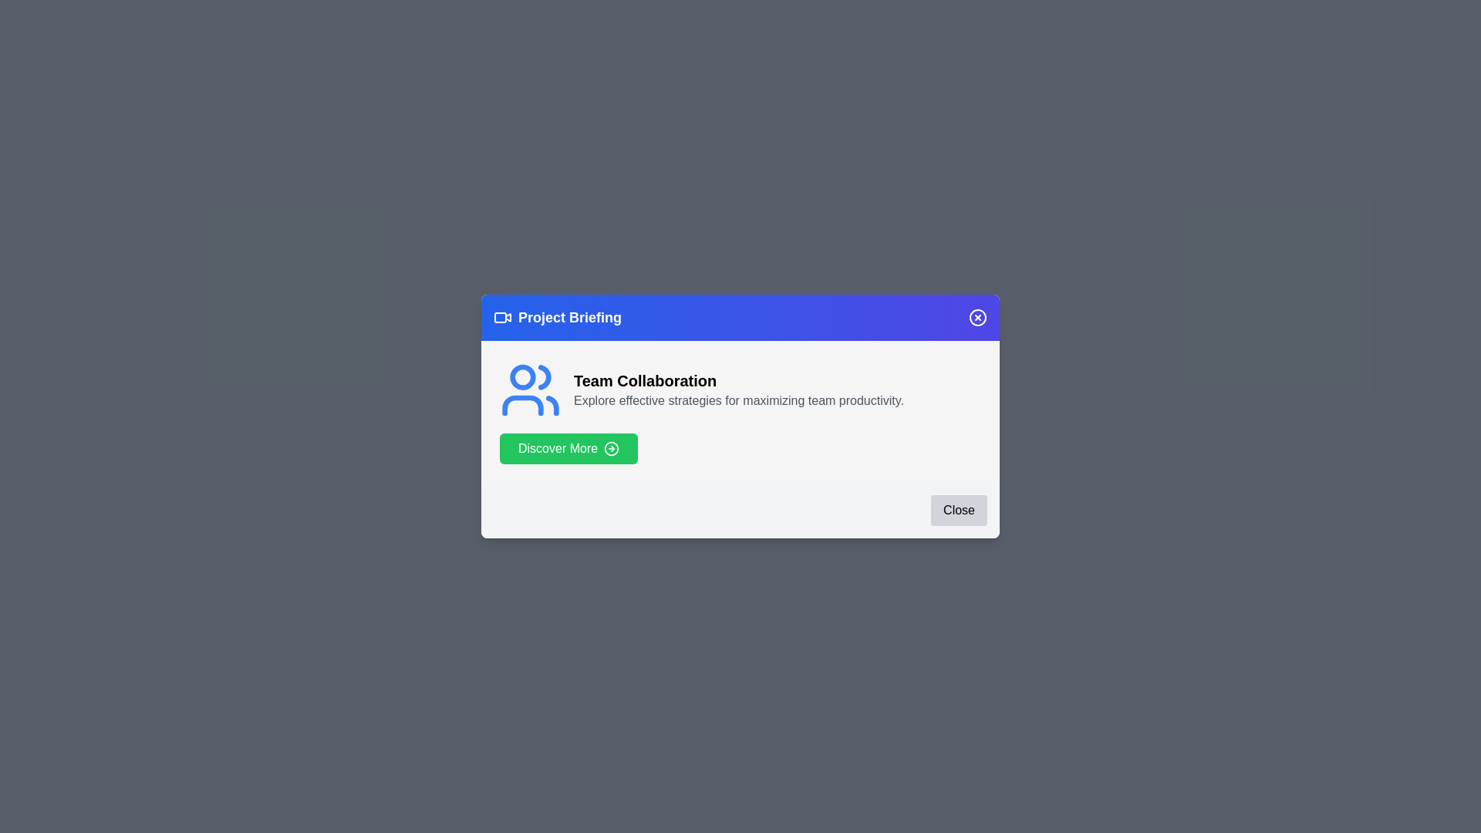 The height and width of the screenshot is (833, 1481). Describe the element at coordinates (568, 449) in the screenshot. I see `'Discover More' button to reveal additional details` at that location.